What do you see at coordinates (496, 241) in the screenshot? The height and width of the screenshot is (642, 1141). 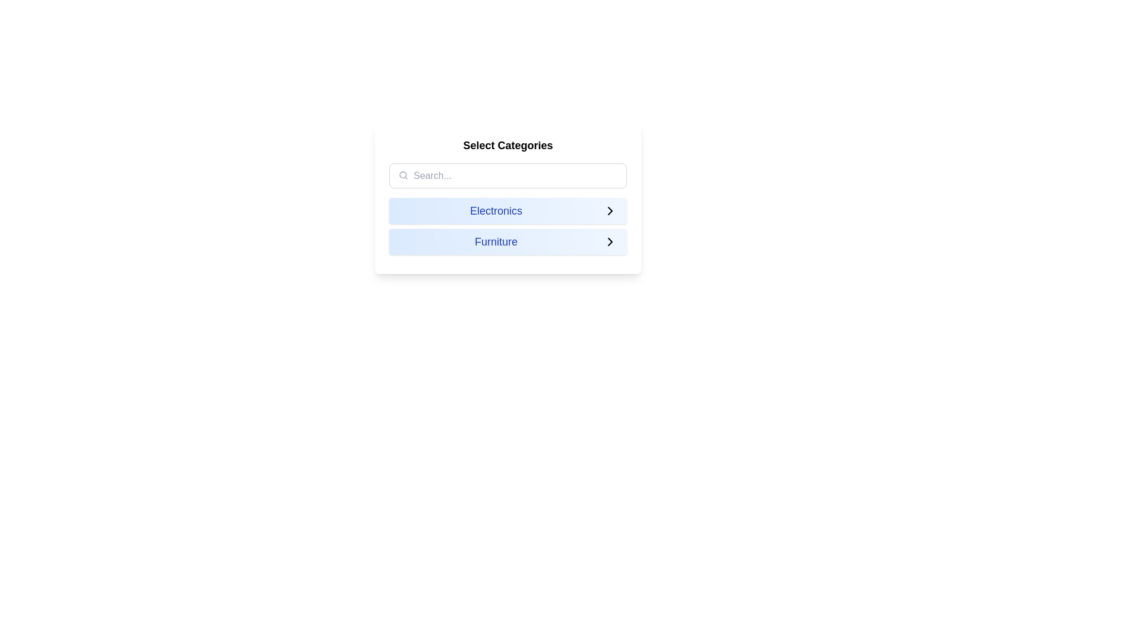 I see `the 'Furniture' text label, which is styled in blue with a larger font size and bold appearance, located` at bounding box center [496, 241].